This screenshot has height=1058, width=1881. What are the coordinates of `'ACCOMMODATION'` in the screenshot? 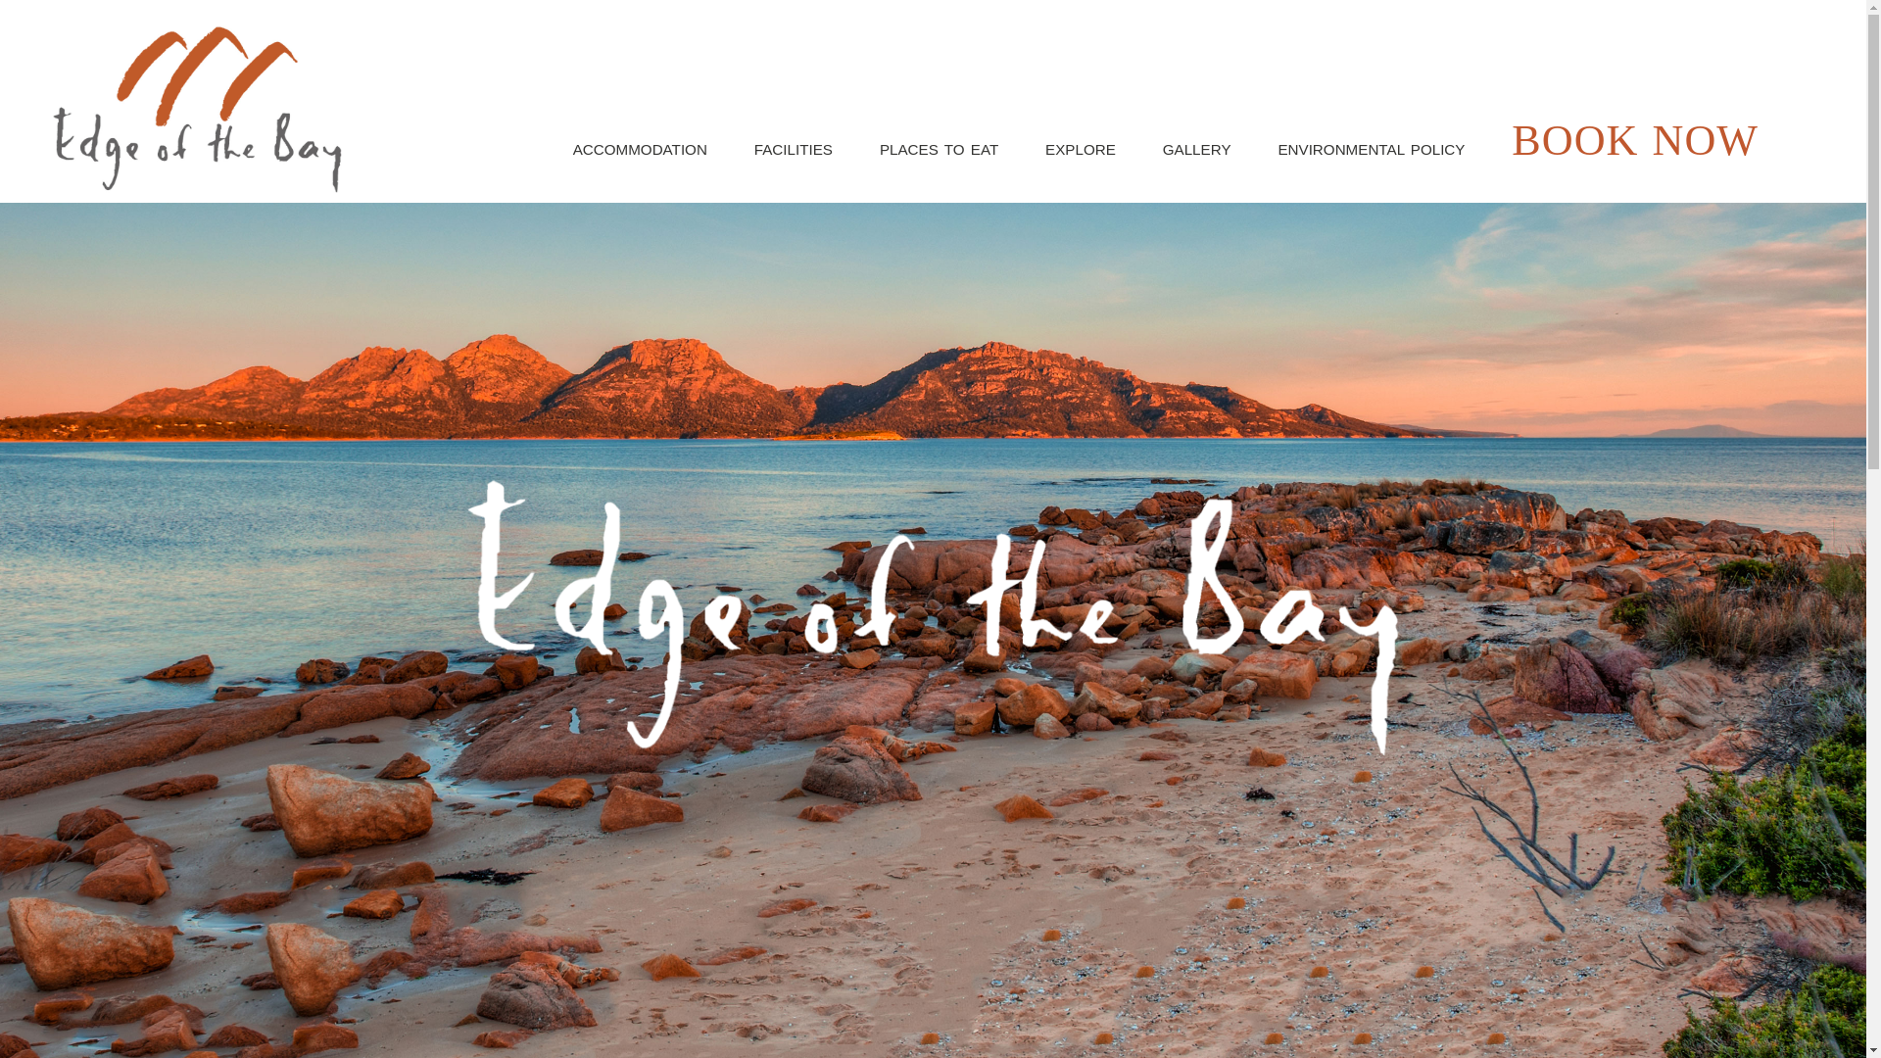 It's located at (639, 149).